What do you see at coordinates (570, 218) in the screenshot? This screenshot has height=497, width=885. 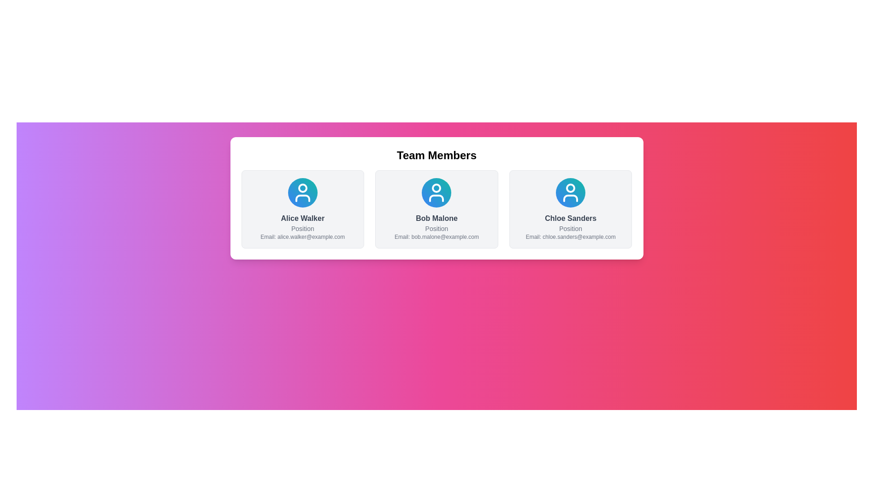 I see `the Text Label that identifies the name of the individual on the profile card located at the lower center of the rightmost card, positioned below a circular icon and above the 'Position' text and email address` at bounding box center [570, 218].